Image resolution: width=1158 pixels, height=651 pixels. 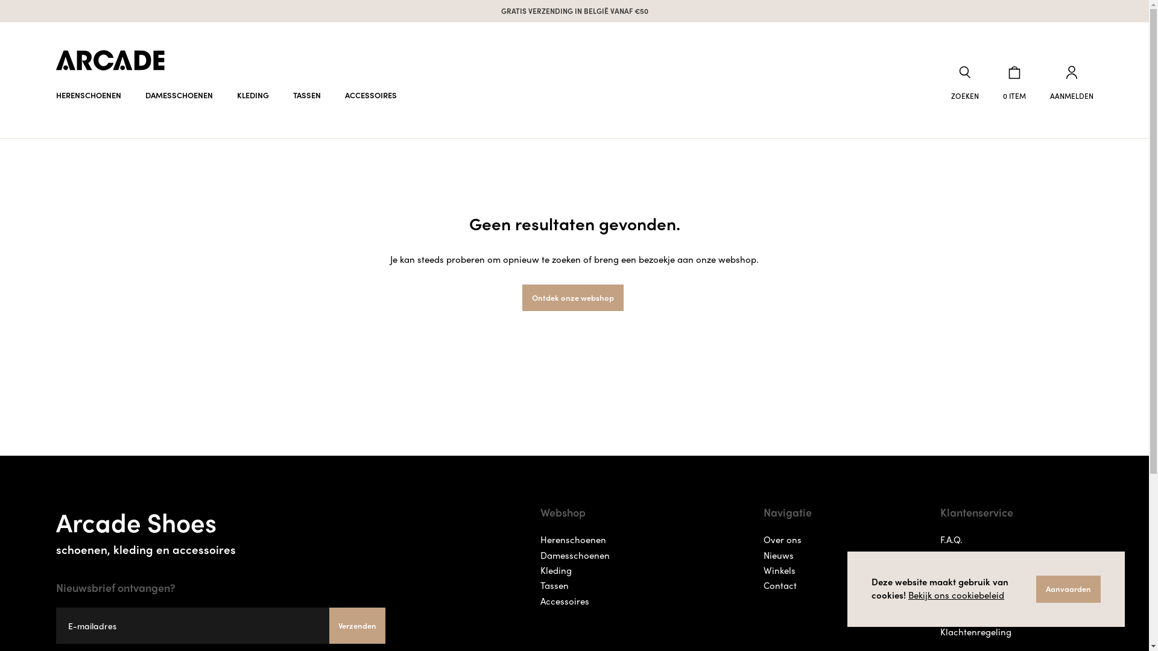 I want to click on 'Ontdek onze webshop', so click(x=572, y=298).